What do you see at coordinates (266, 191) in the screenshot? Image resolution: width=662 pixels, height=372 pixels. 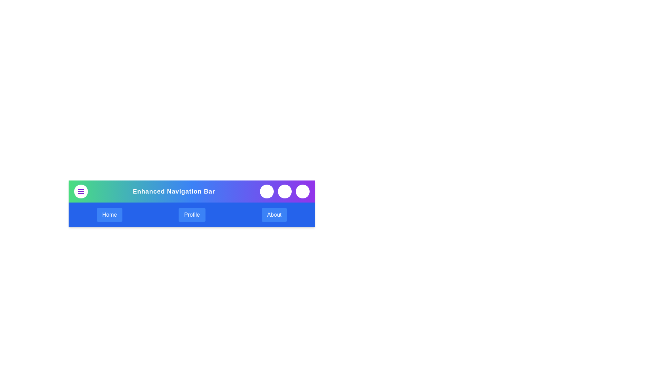 I see `the search button to initiate a search` at bounding box center [266, 191].